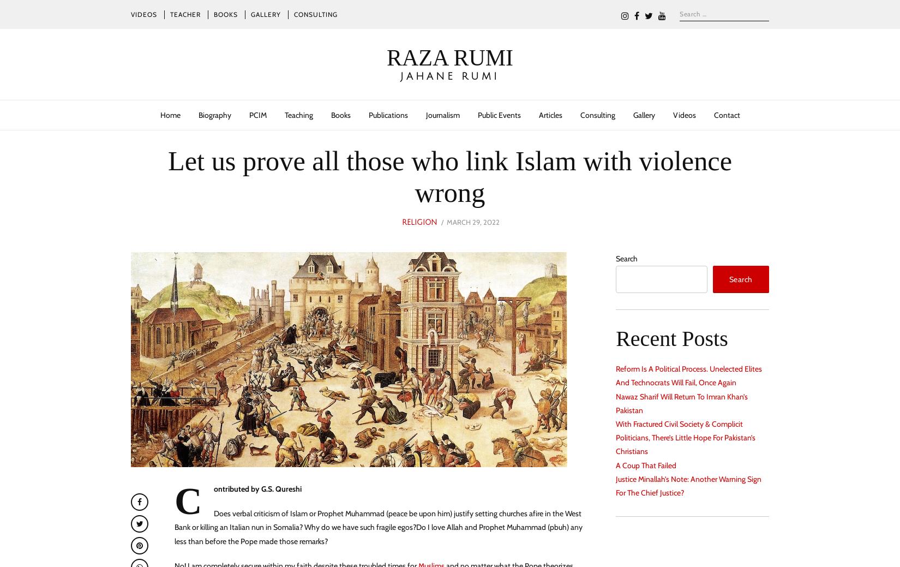 The width and height of the screenshot is (900, 567). Describe the element at coordinates (418, 221) in the screenshot. I see `'Religion'` at that location.